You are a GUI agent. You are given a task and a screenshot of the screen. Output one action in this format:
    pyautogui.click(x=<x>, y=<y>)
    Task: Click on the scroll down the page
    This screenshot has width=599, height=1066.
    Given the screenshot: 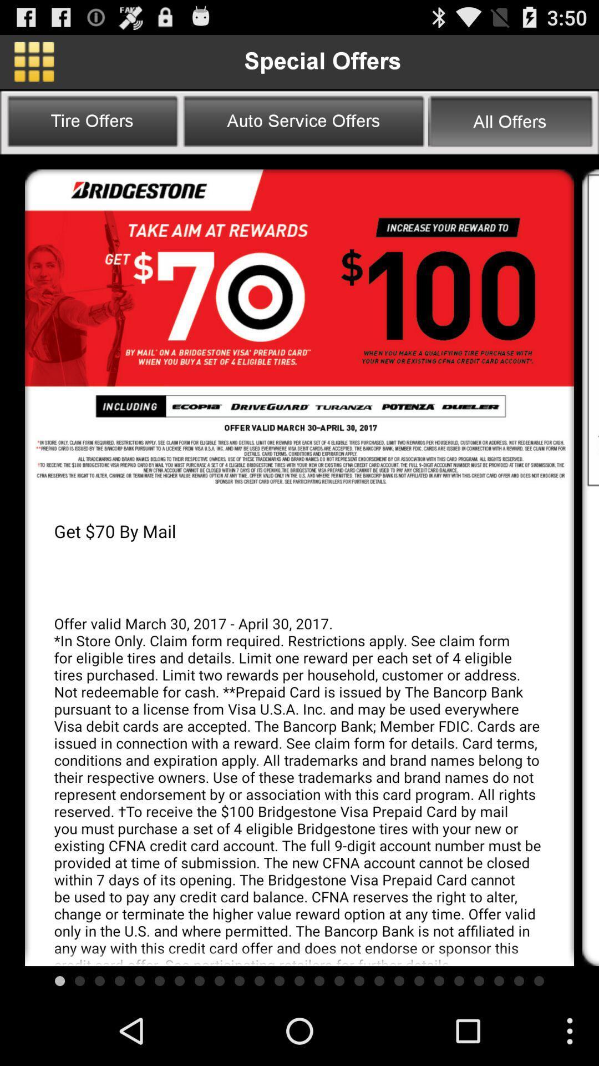 What is the action you would take?
    pyautogui.click(x=590, y=329)
    